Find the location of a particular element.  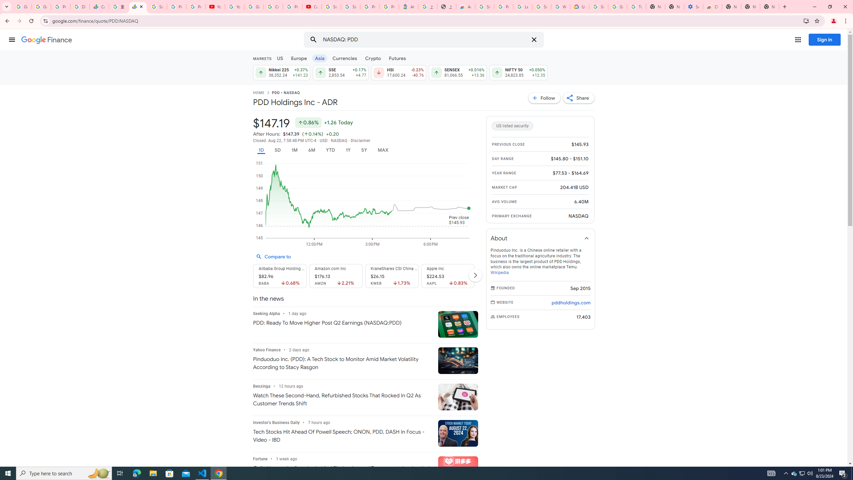

'Nikkei 225 38,352.24 Up by 0.27% +141.23' is located at coordinates (281, 72).